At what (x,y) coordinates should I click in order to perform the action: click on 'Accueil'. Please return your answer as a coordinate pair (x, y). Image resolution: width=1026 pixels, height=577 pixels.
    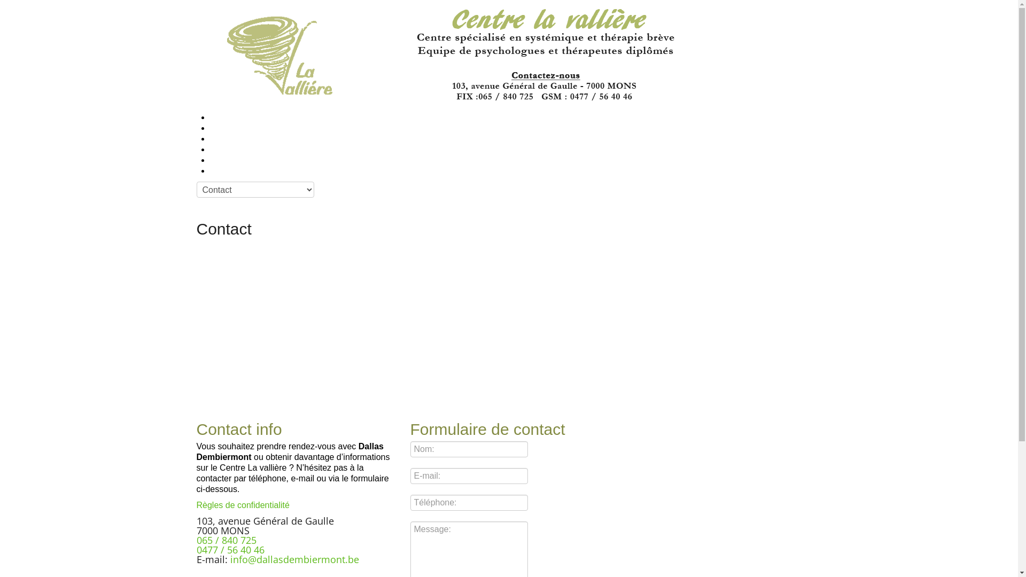
    Looking at the image, I should click on (218, 118).